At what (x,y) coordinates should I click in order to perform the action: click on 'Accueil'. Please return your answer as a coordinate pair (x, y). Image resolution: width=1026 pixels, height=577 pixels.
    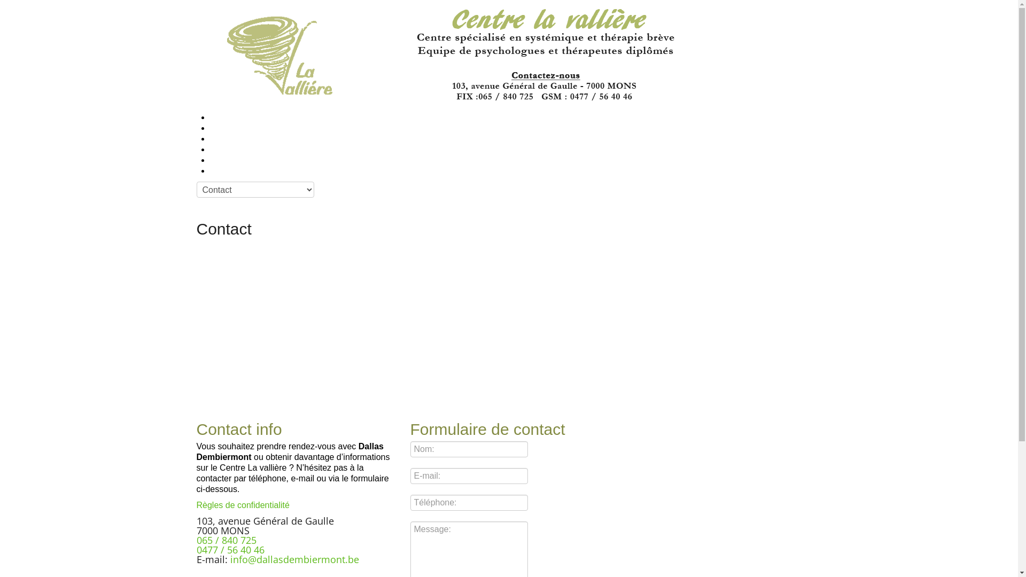
    Looking at the image, I should click on (218, 118).